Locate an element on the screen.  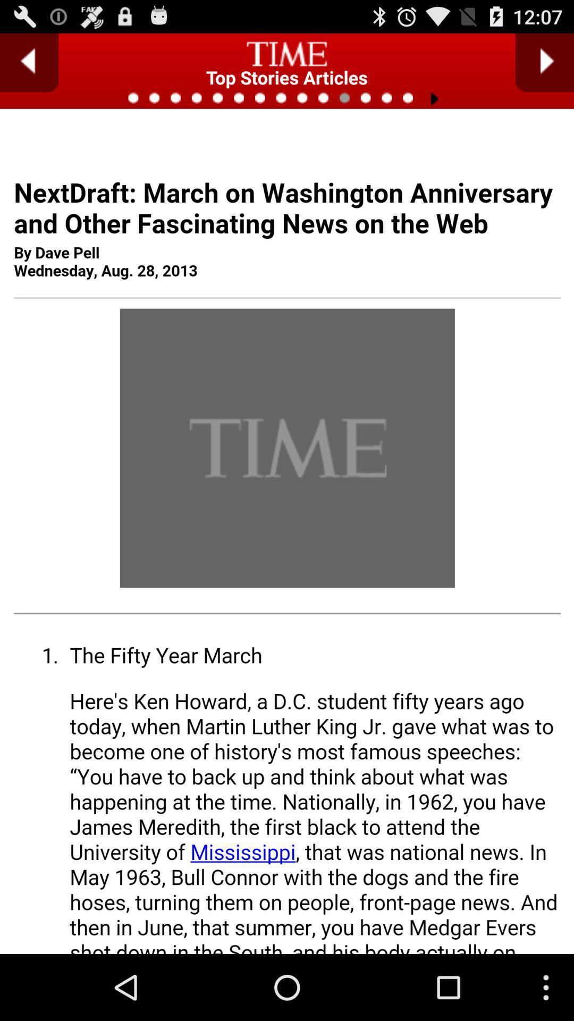
the icon at the center is located at coordinates (287, 566).